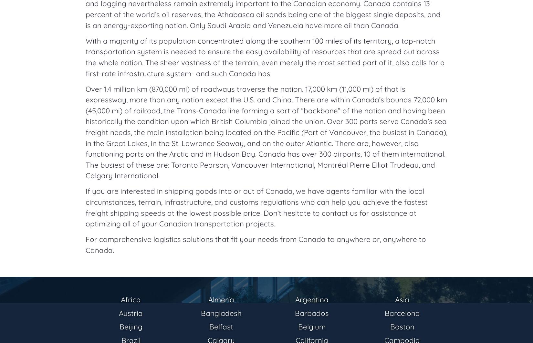 This screenshot has width=533, height=343. I want to click on 'Over 1.4 million km (870,000 mi) of roadways traverse the nation. 17,000 km (11,000 mi) of that is expressway, more than any nation except the U.S. and China. There are within Canada’s bounds 72,000 km (45,000 mi) of railroad, the Trans-Canada line forming a sort of “backbone” of the nation and having been historically the condition upon which British Columbia joined the union. Over 300 ports serve Canada’s sea freight needs, the main installation being located on the Pacific (Port of Vancouver, the busiest in Canada), in the Great Lakes, in the St. Lawrence Seaway, and on the outer Atlantic. There are, however, also functioning ports on the Arctic and in Hudson Bay. Canada has over 300 airports, 10 of them international. The busiest of these are: Toronto Pearson, Vancouver International, Montréal Pierre Elliot Trudeau, and Calgary International.', so click(85, 132).